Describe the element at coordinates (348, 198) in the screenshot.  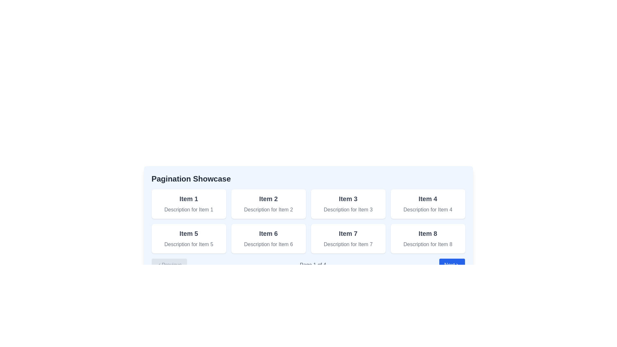
I see `the Text Label that serves as the title for the grid card, located in the first row, third column of the grid layout` at that location.